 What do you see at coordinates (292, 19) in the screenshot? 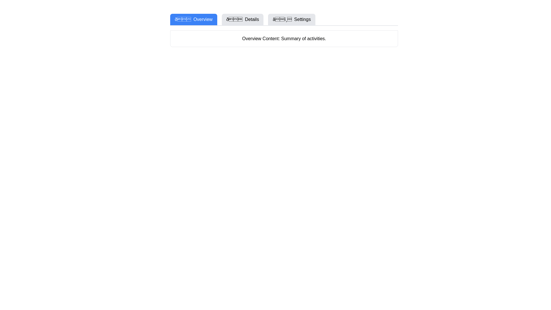
I see `the 'Settings' button, which is a gray rounded rectangle with a gear icon and the text 'Settings'` at bounding box center [292, 19].